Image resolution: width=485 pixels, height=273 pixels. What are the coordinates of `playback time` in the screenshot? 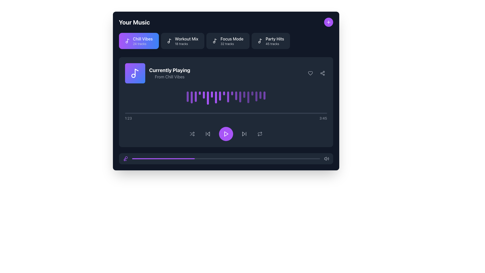 It's located at (159, 113).